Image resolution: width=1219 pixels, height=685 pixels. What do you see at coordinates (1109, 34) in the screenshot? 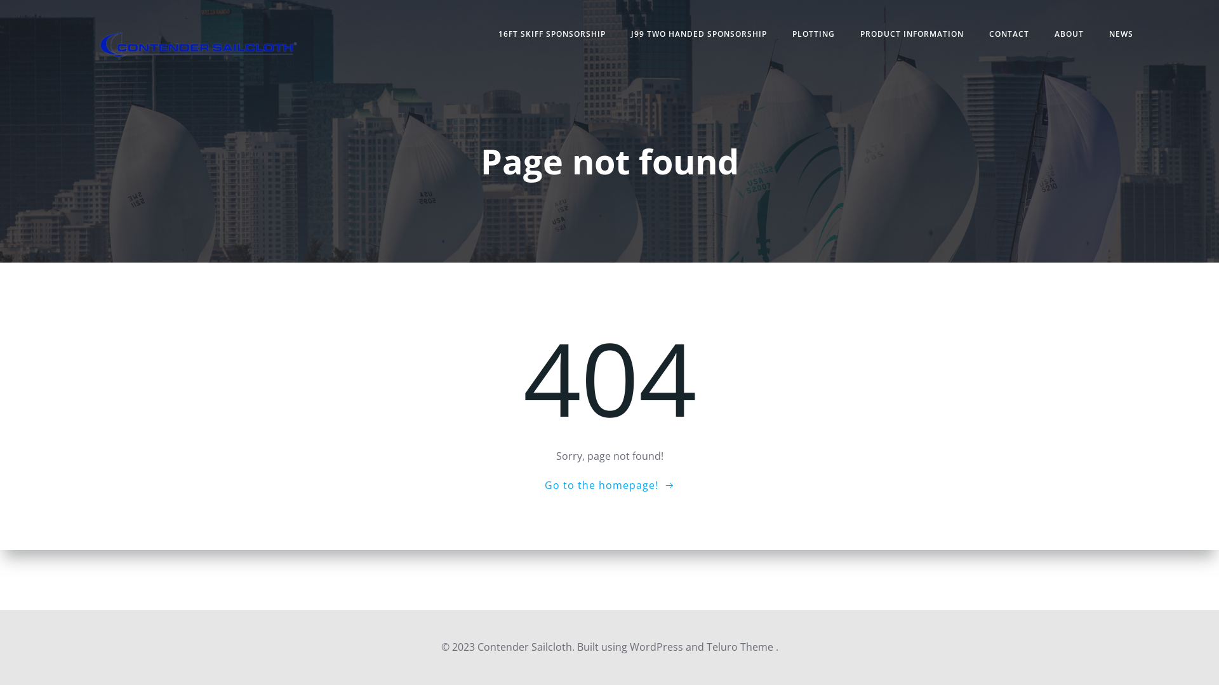
I see `'NEWS'` at bounding box center [1109, 34].